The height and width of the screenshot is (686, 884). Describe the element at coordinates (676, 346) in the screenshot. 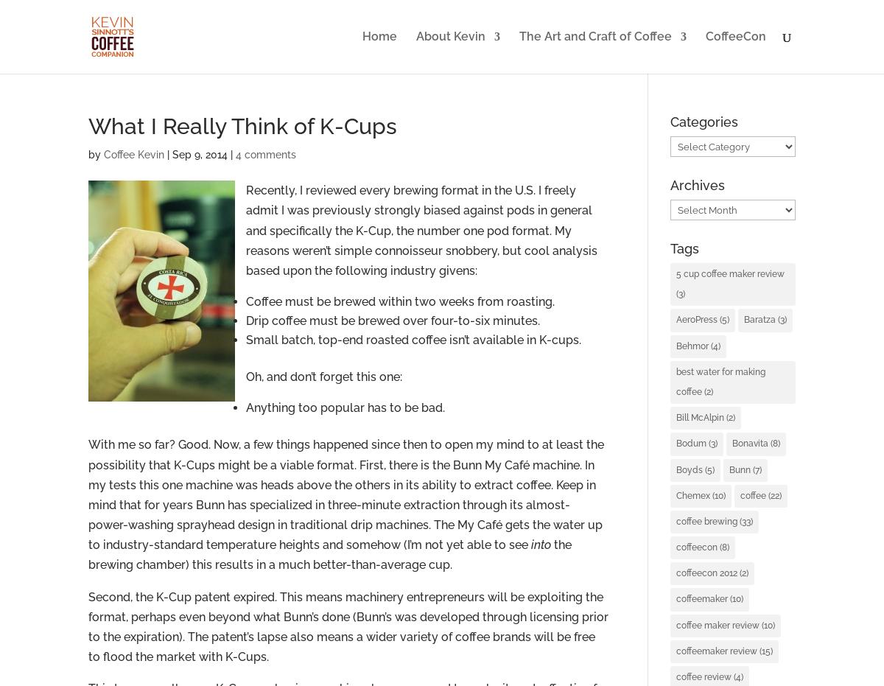

I see `'Behmor'` at that location.